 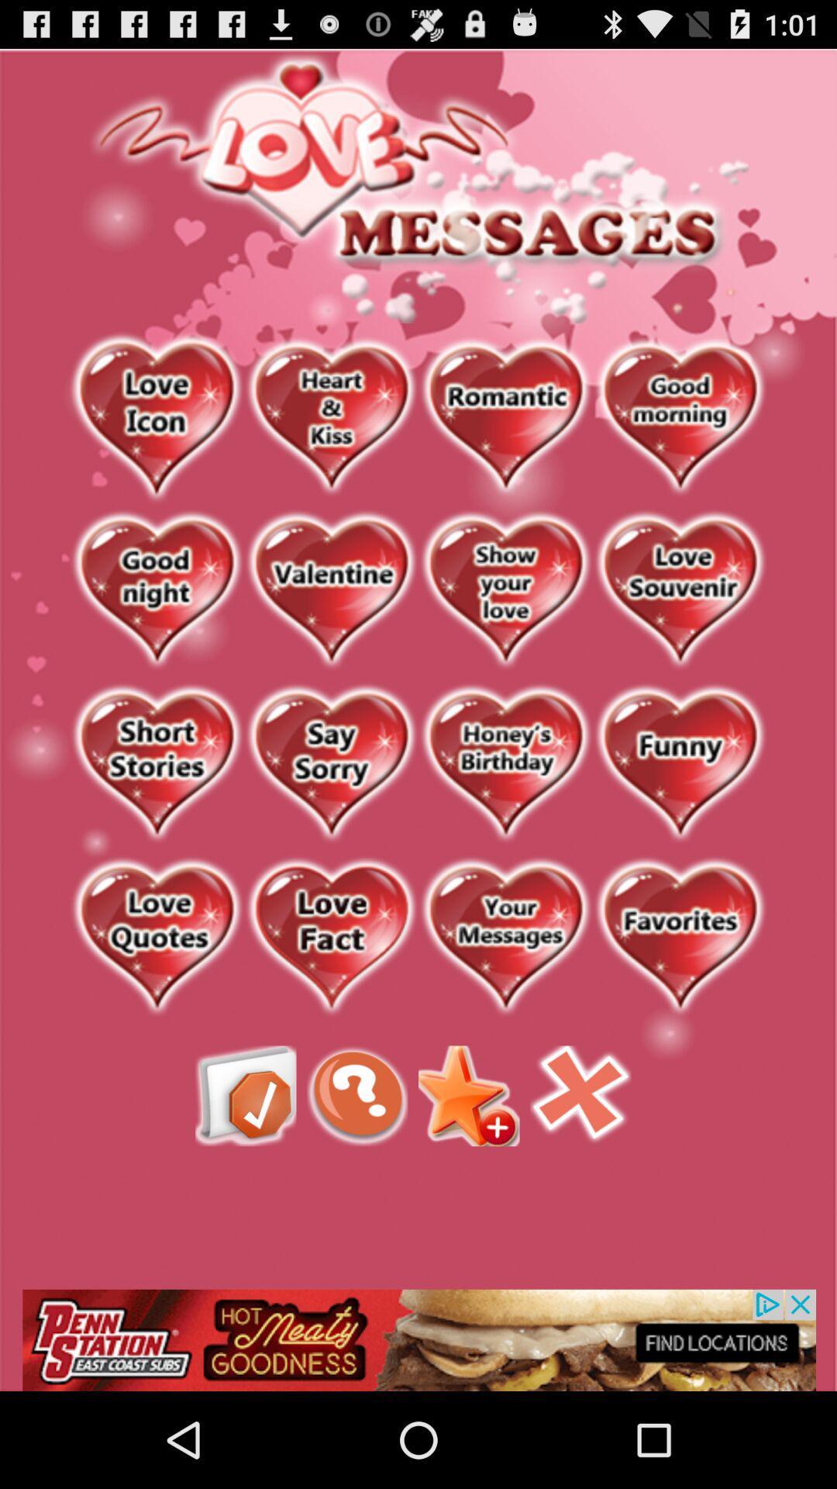 What do you see at coordinates (505, 590) in the screenshot?
I see `show your love message` at bounding box center [505, 590].